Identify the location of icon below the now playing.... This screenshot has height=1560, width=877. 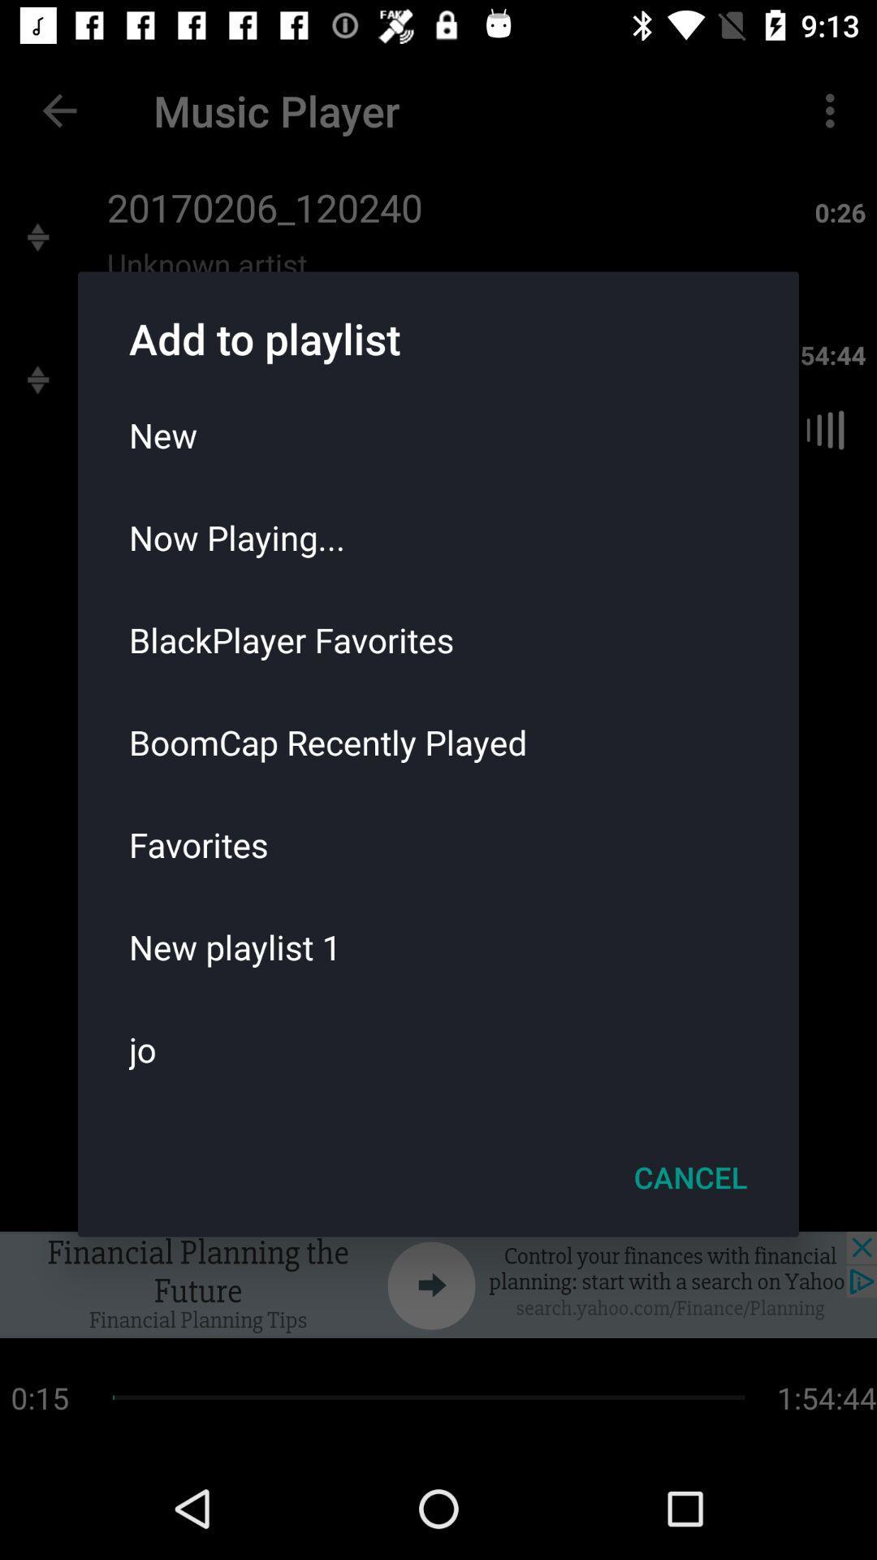
(438, 639).